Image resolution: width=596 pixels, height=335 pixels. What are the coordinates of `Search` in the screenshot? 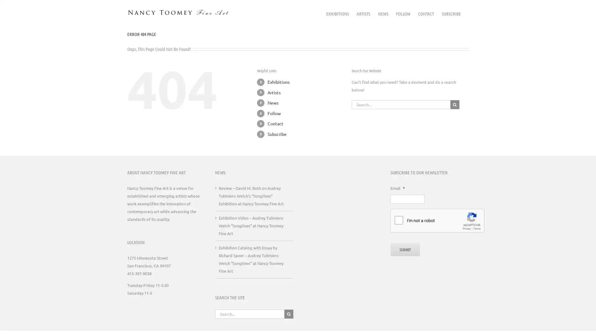 It's located at (288, 314).